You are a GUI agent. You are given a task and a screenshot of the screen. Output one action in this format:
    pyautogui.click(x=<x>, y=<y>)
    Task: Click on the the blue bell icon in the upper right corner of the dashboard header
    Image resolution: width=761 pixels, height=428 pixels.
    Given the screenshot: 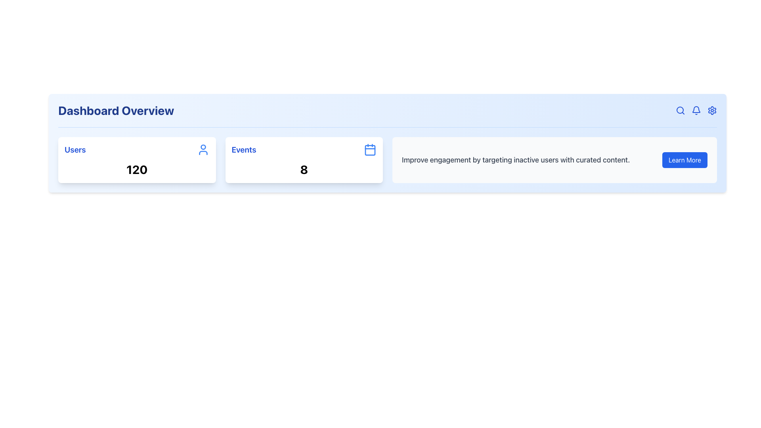 What is the action you would take?
    pyautogui.click(x=696, y=110)
    